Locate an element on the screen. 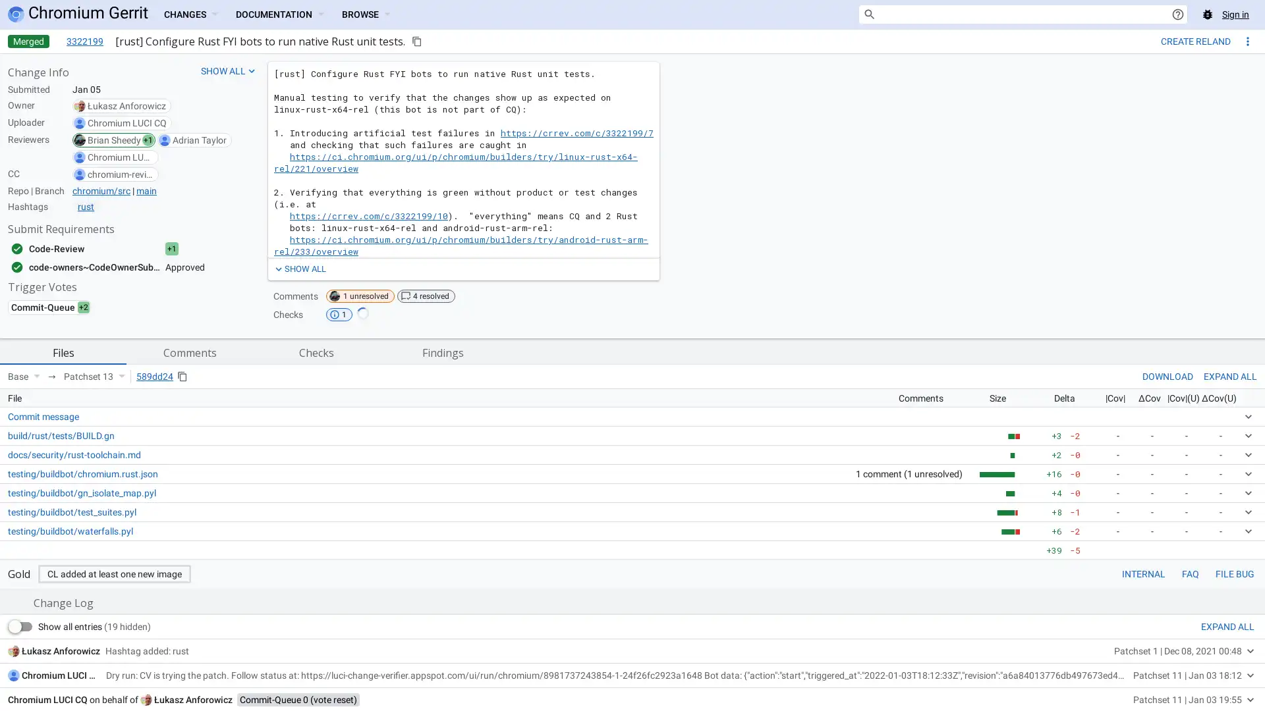 The image size is (1265, 711). ukasz Anforowicz is located at coordinates (192, 699).